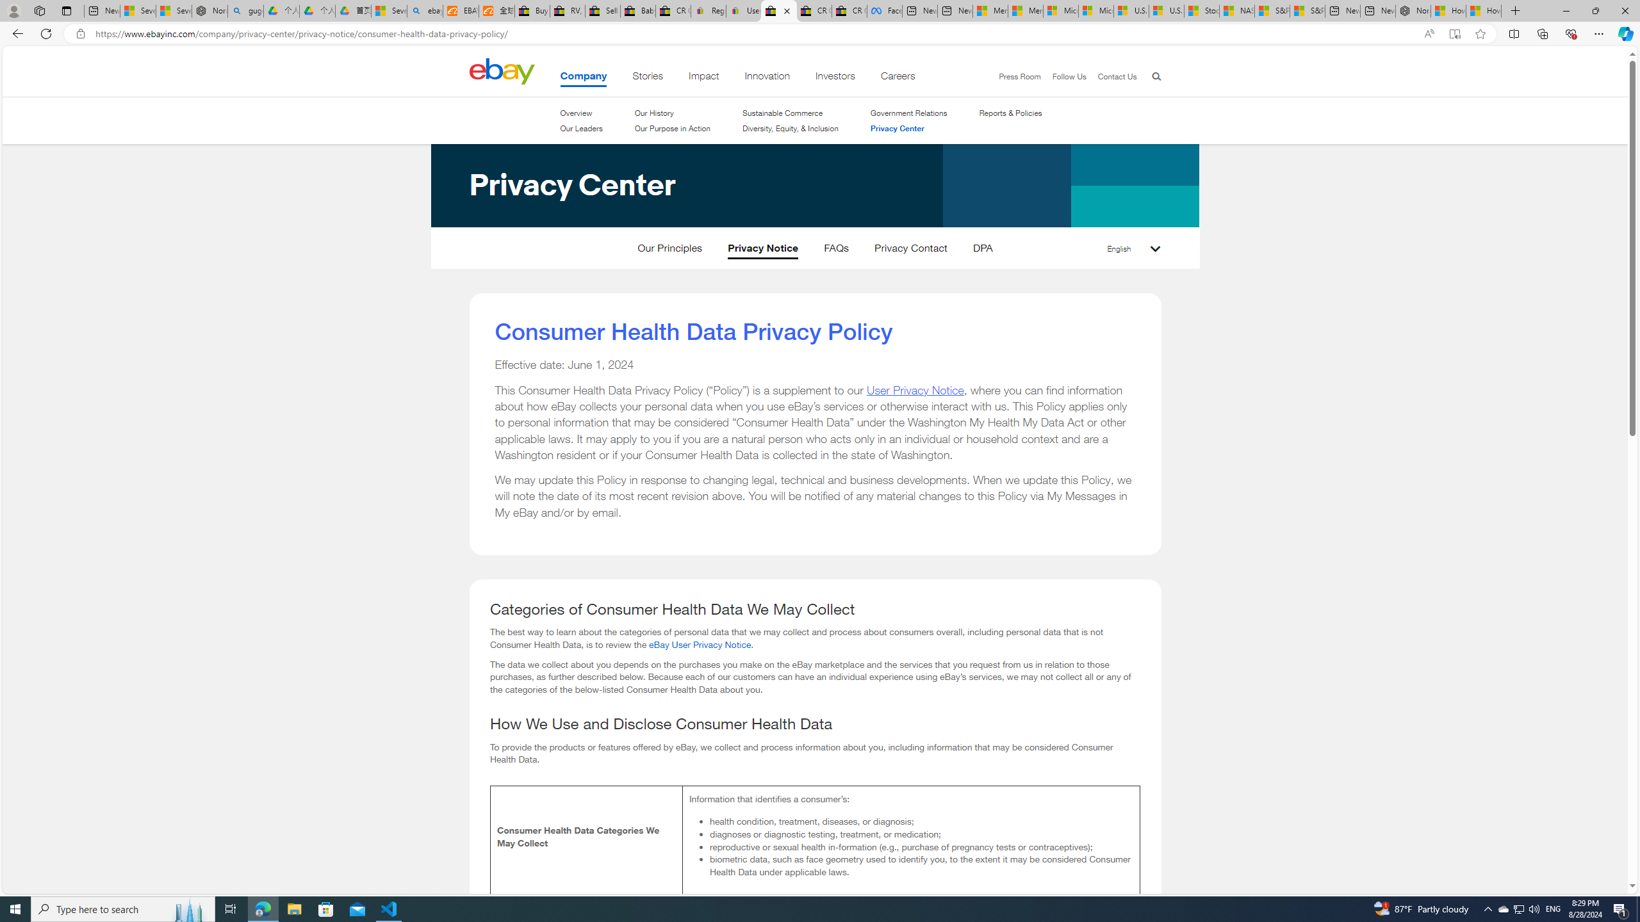 This screenshot has height=922, width=1640. I want to click on 'Reports & Policies', so click(1010, 113).